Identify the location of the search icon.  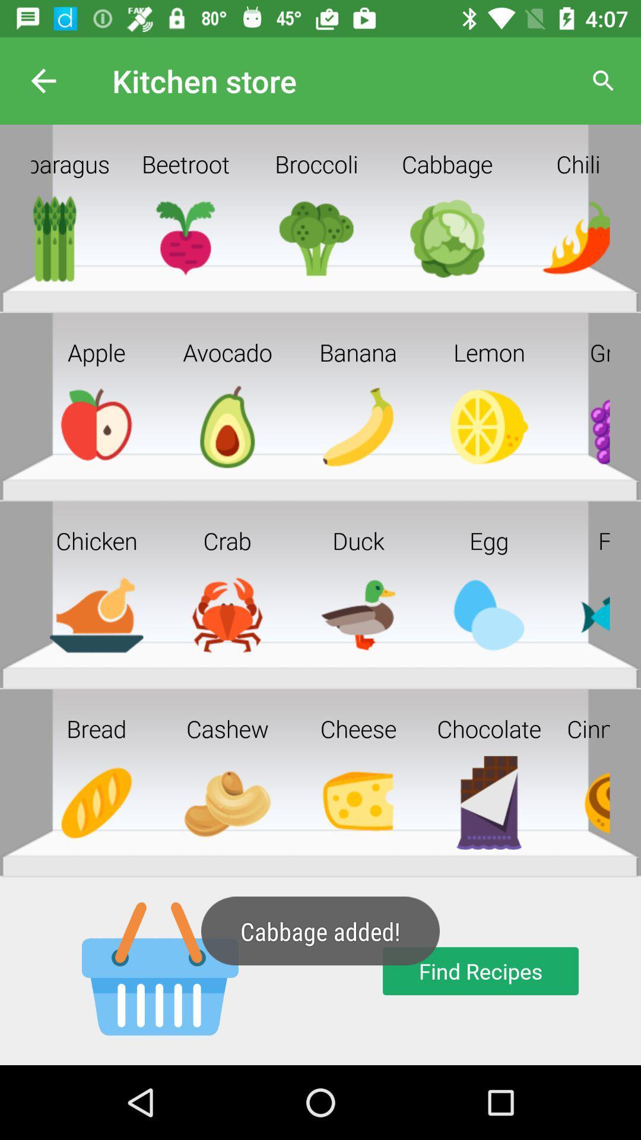
(604, 81).